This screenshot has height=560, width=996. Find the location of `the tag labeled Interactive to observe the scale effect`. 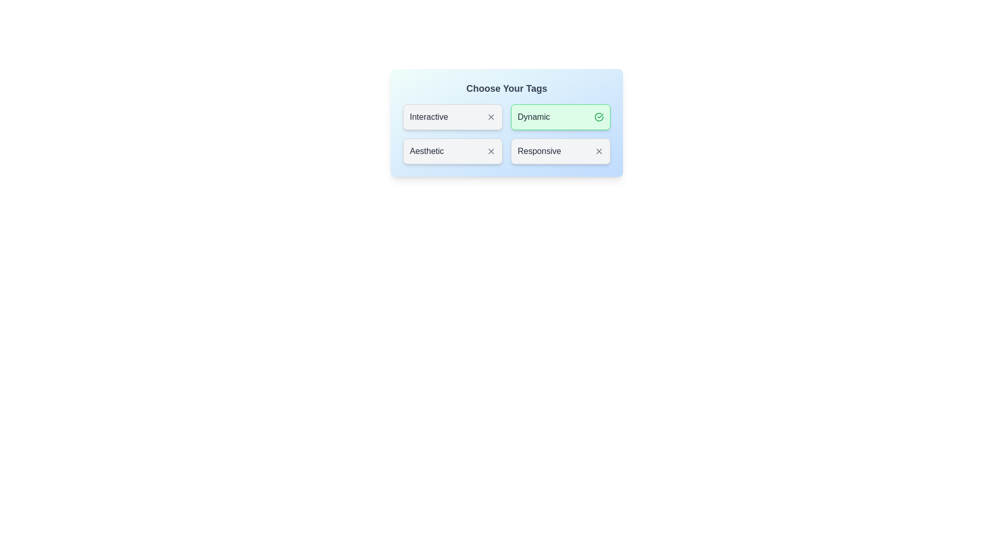

the tag labeled Interactive to observe the scale effect is located at coordinates (453, 117).